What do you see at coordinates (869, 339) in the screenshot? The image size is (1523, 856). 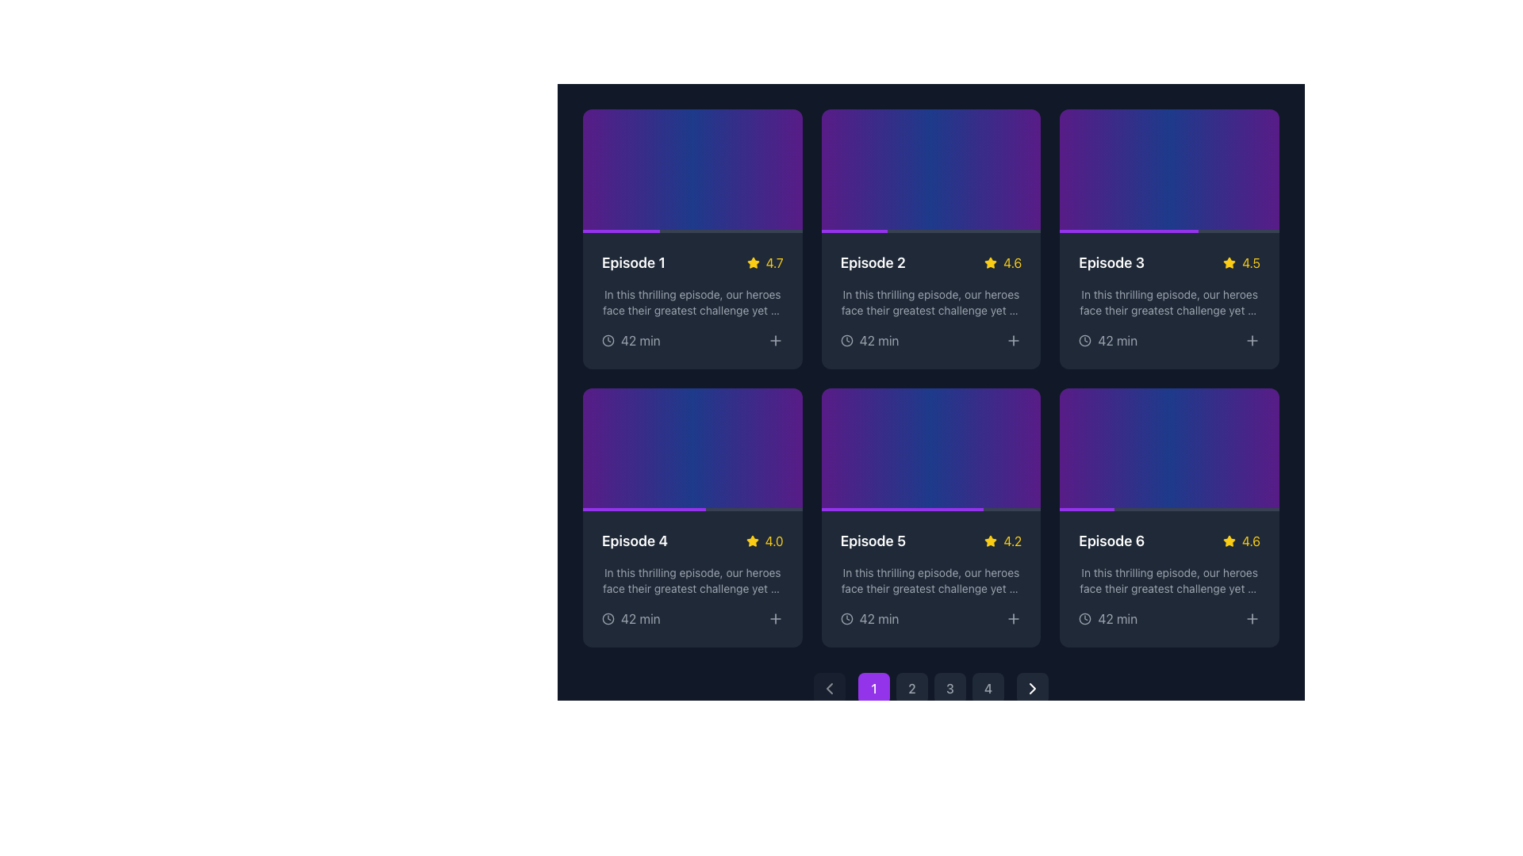 I see `the informational label with an icon and text indicating the duration of the episode displayed in the card labeled 'Episode 2', located in the bottom-left corner of the card` at bounding box center [869, 339].